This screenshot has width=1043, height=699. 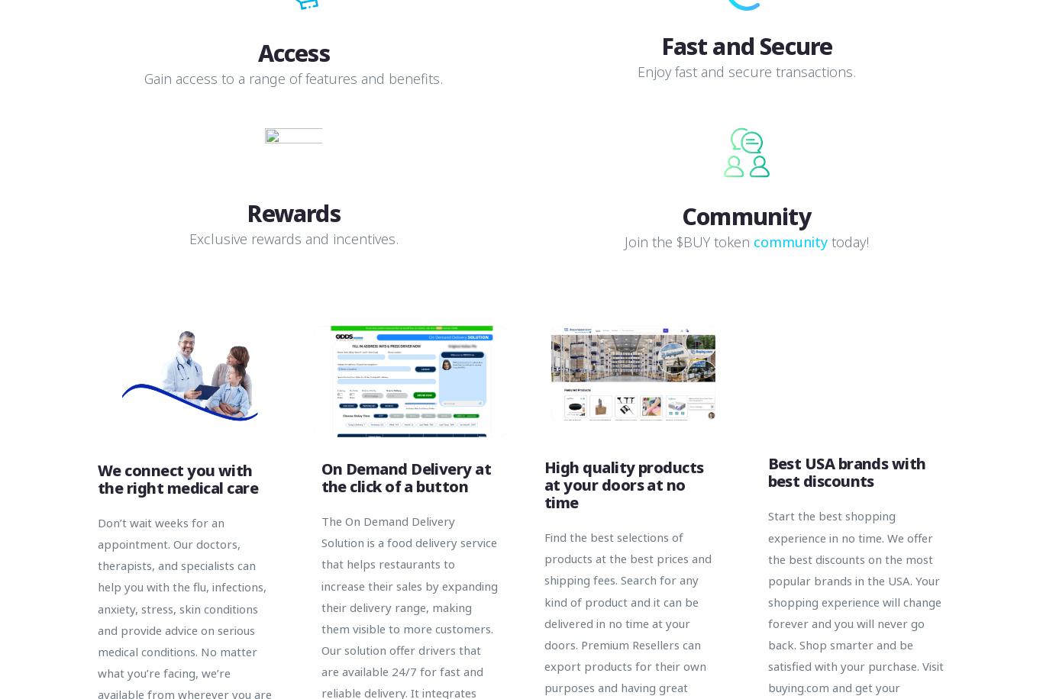 I want to click on 'Join the $BUY token', so click(x=687, y=241).